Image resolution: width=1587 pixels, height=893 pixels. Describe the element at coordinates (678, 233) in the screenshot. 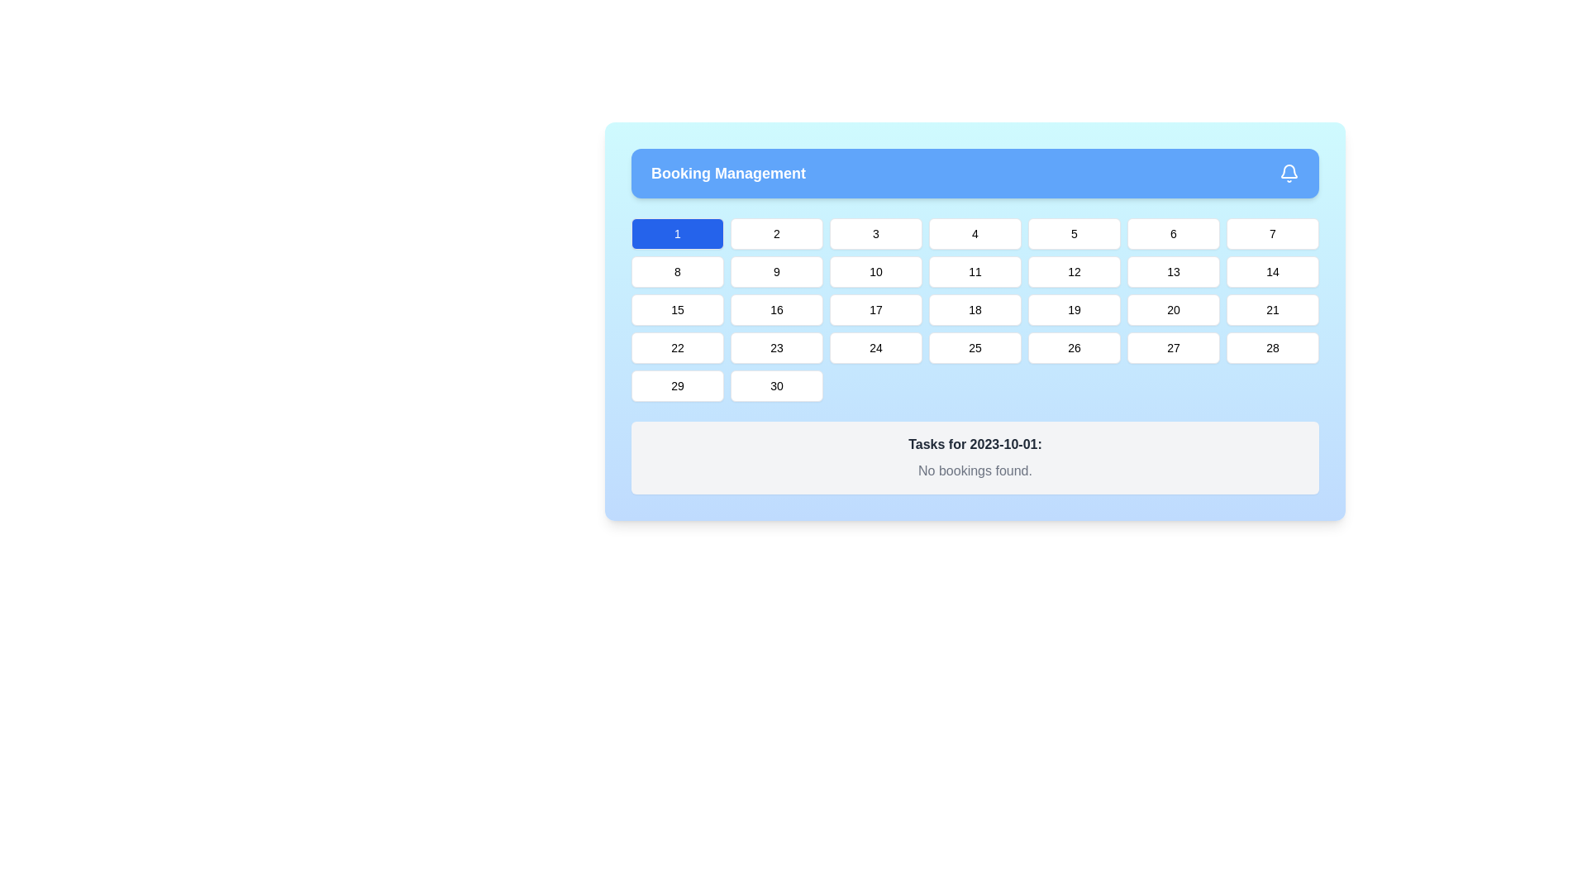

I see `the blue rectangular button labeled '1' with rounded corners` at that location.